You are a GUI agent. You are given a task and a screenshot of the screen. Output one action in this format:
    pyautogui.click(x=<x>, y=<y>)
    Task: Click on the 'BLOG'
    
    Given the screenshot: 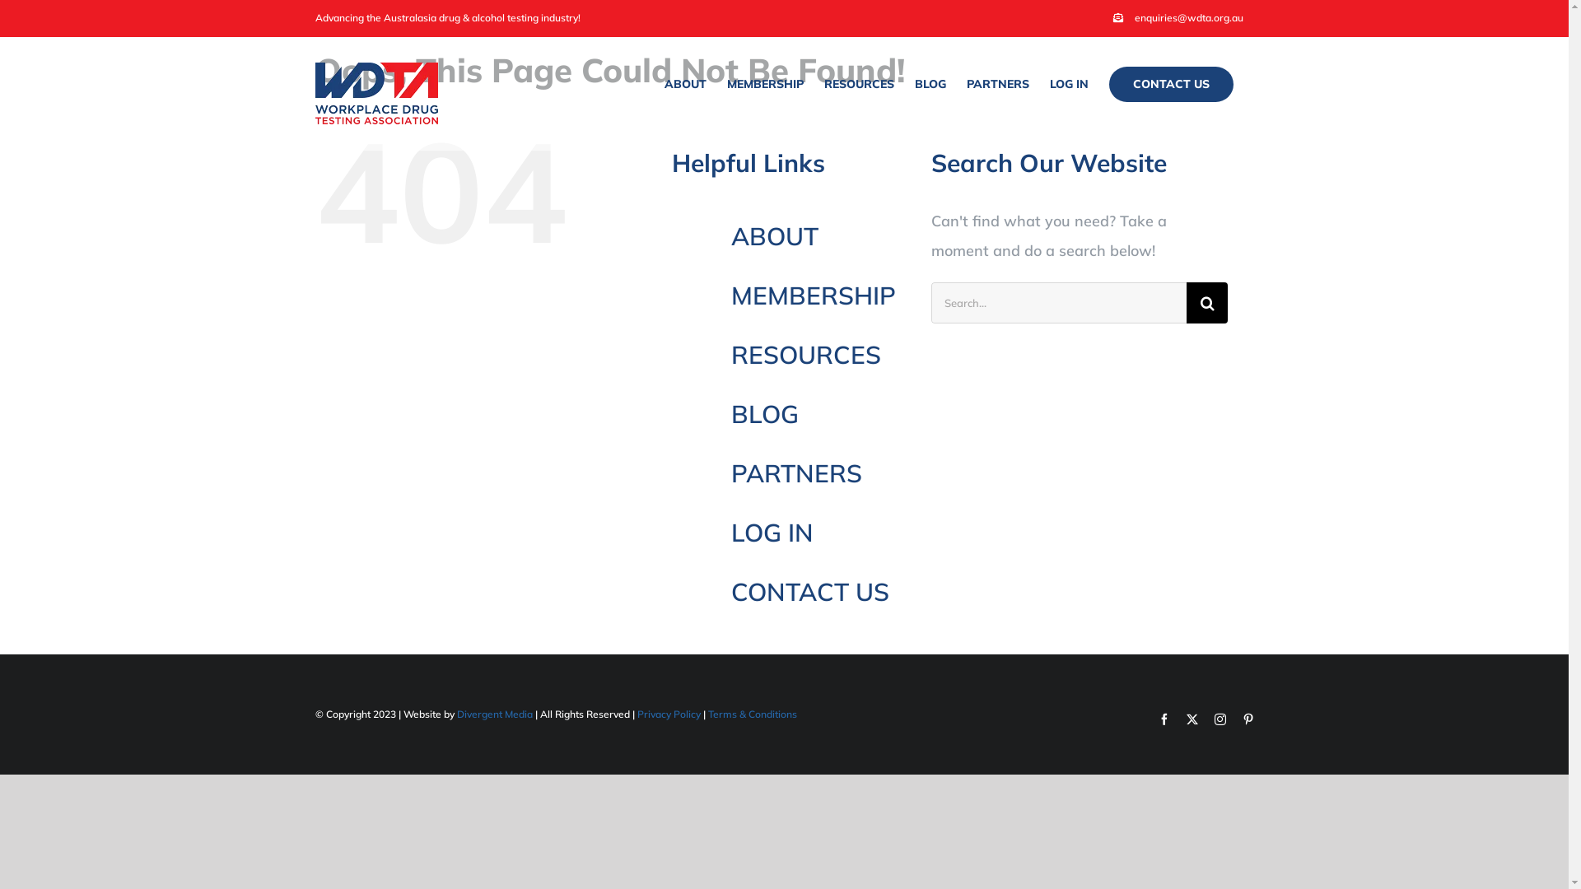 What is the action you would take?
    pyautogui.click(x=764, y=412)
    